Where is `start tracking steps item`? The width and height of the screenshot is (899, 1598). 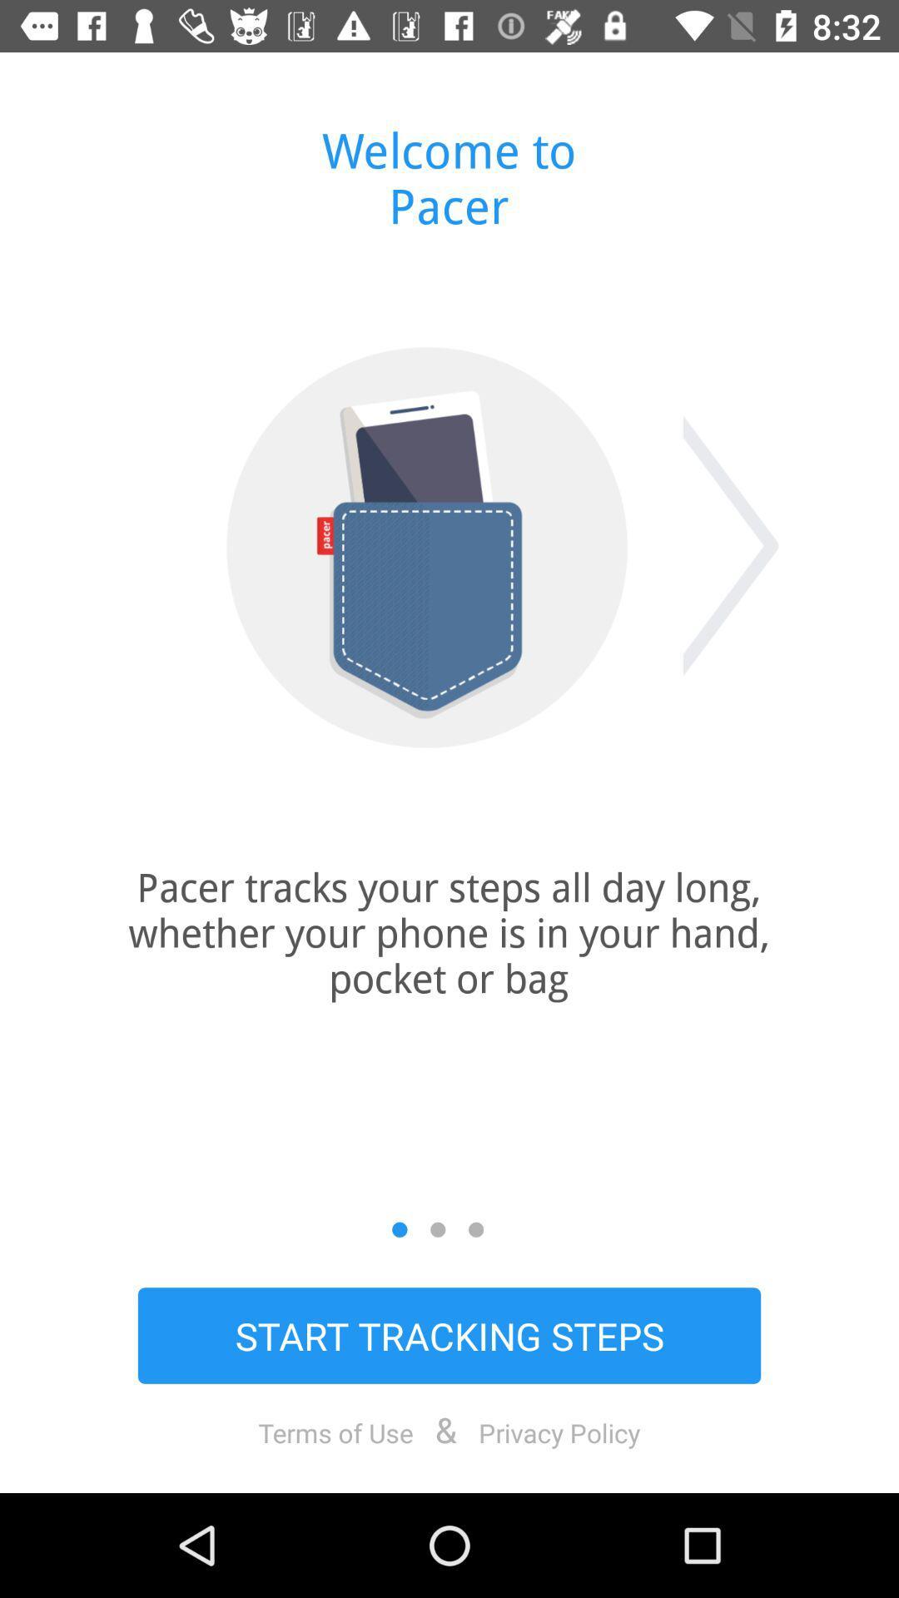
start tracking steps item is located at coordinates (449, 1335).